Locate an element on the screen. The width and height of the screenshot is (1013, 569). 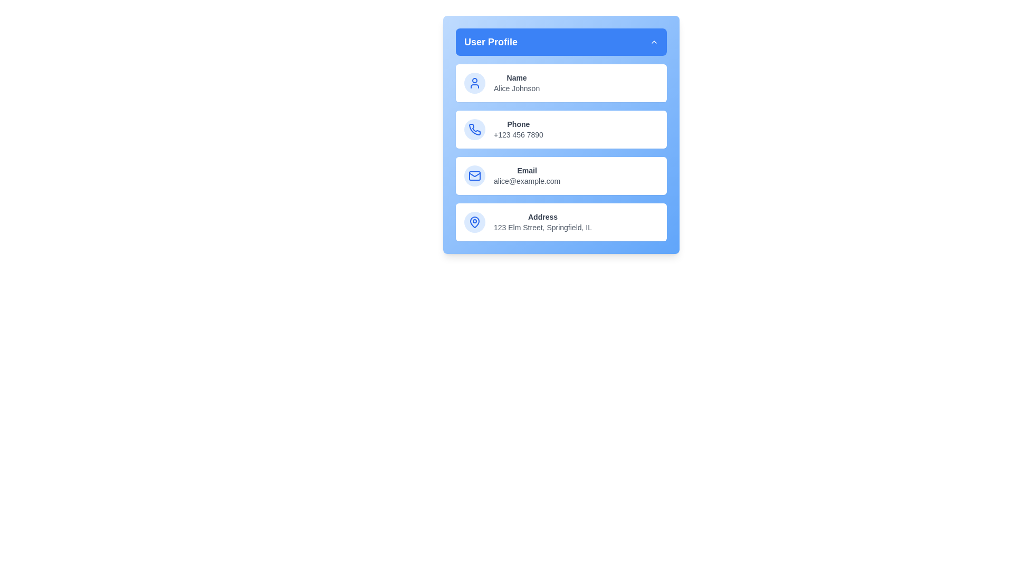
the text label displaying the user's phone number, which is located in the second row of the contact card structure, directly below the 'Phone' label is located at coordinates (518, 134).